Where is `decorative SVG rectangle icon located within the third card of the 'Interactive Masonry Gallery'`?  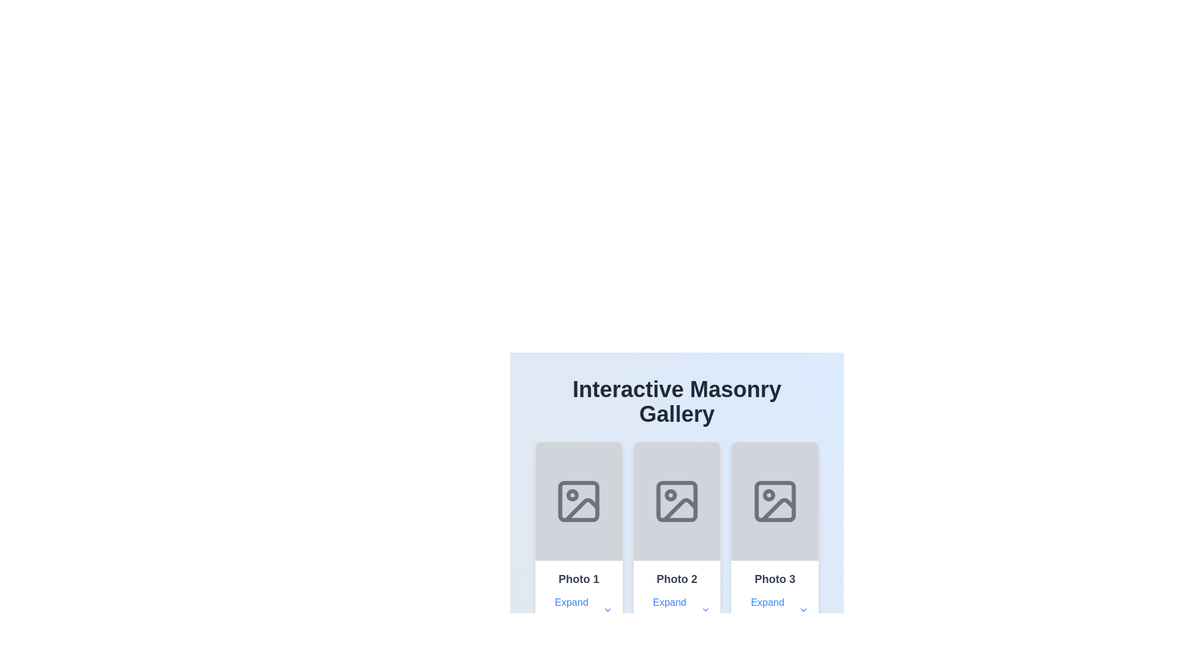
decorative SVG rectangle icon located within the third card of the 'Interactive Masonry Gallery' is located at coordinates (774, 501).